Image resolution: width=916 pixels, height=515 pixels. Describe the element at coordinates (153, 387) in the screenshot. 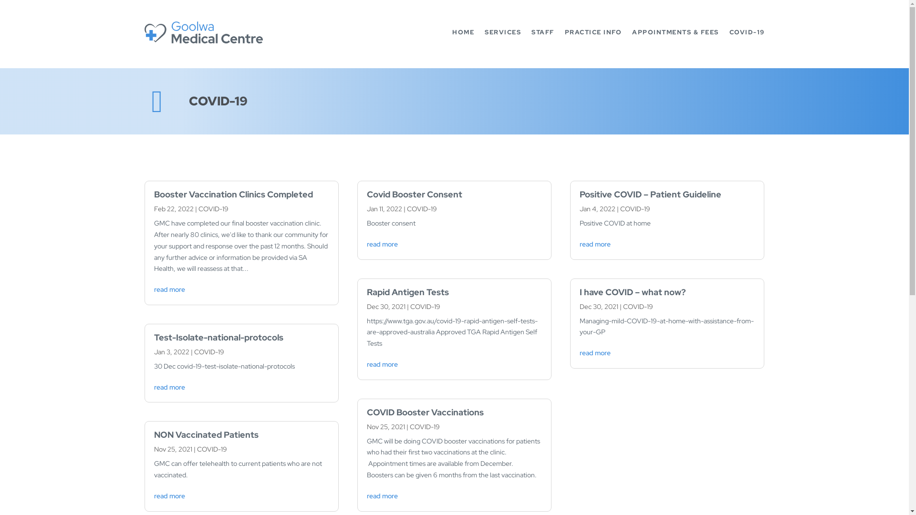

I see `'read more'` at that location.